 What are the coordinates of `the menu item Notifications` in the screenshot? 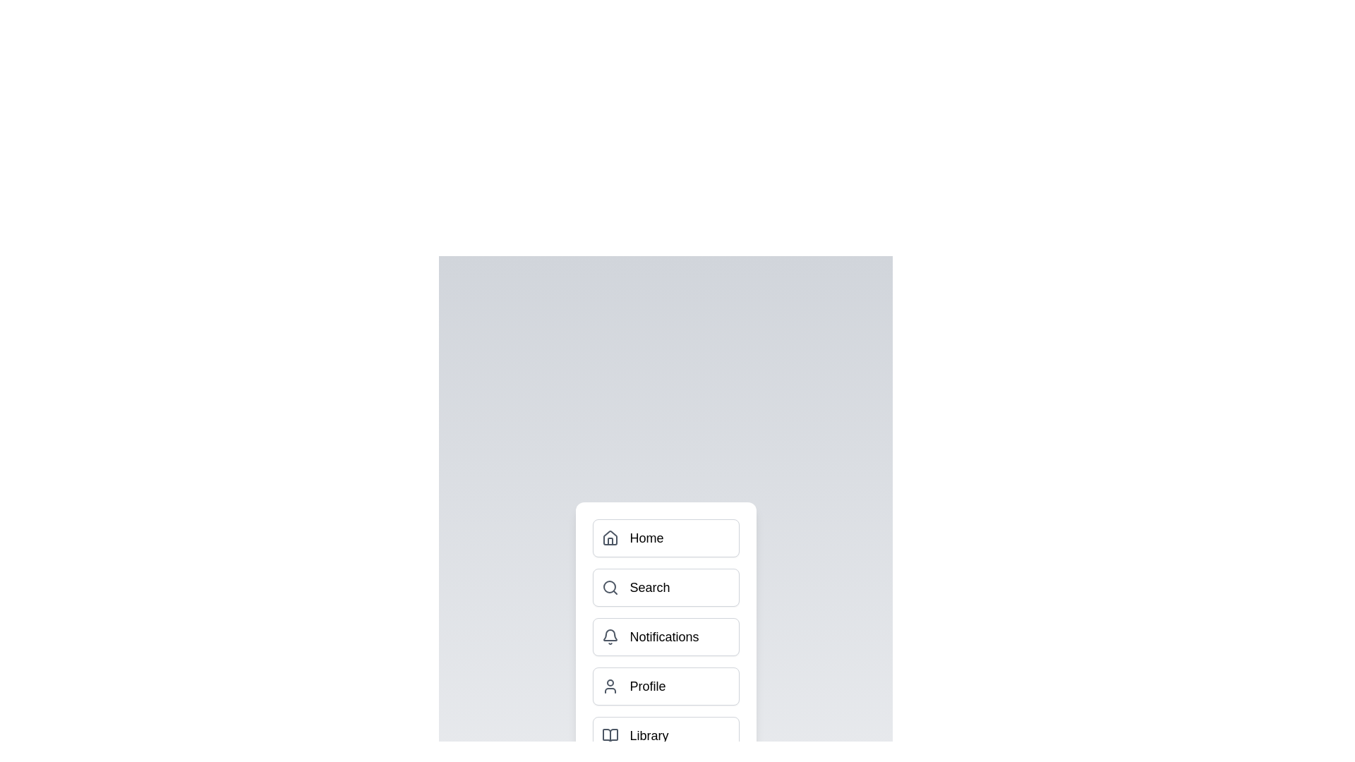 It's located at (665, 636).